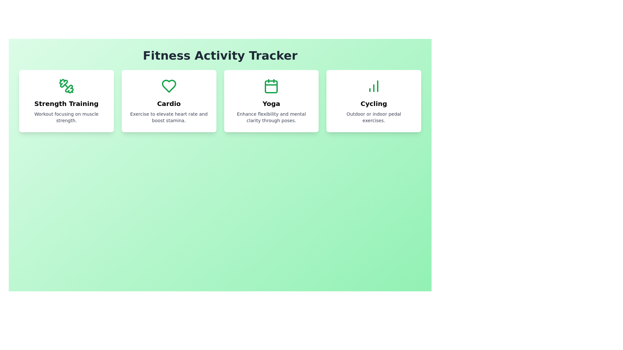 The width and height of the screenshot is (623, 350). What do you see at coordinates (271, 103) in the screenshot?
I see `the bold text label saying 'Yoga' that is centrally aligned within the second card, located above a short descriptive sentence and below a green calendar icon` at bounding box center [271, 103].